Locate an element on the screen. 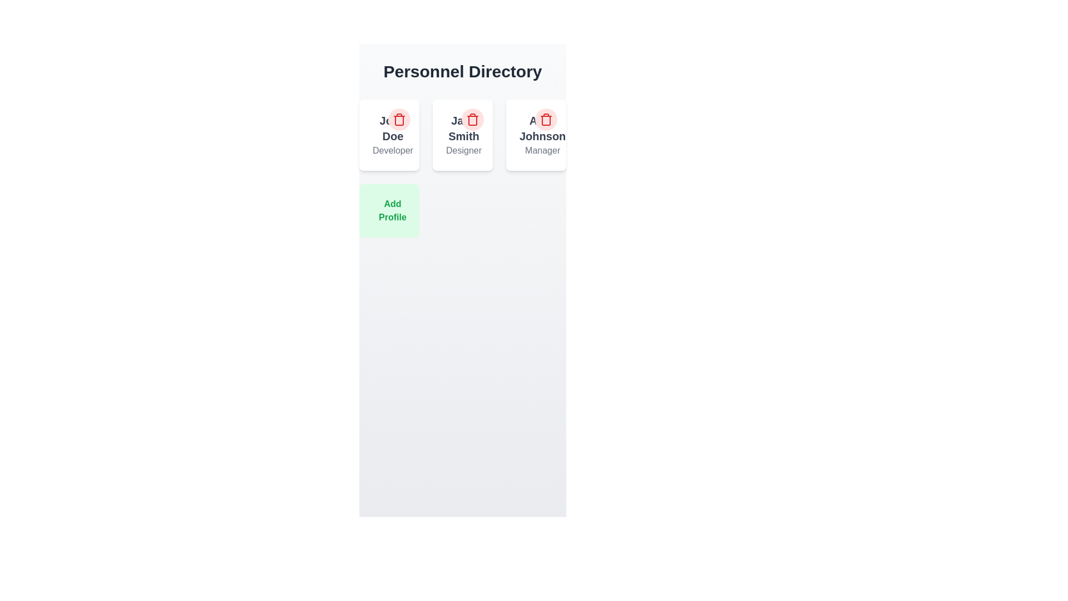 The width and height of the screenshot is (1068, 601). text label displaying 'Developer' located below the name 'John Doe' on the leftmost card in the three-card layout is located at coordinates (393, 150).